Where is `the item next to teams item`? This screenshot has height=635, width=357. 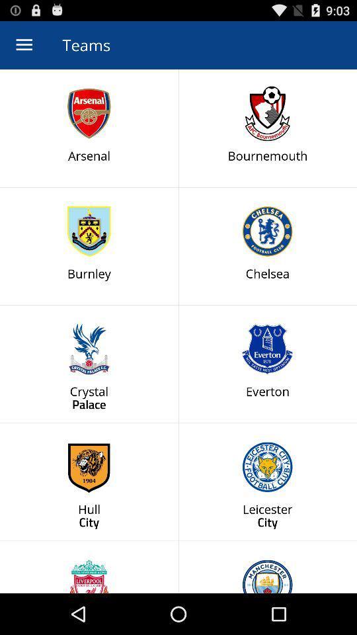 the item next to teams item is located at coordinates (24, 45).